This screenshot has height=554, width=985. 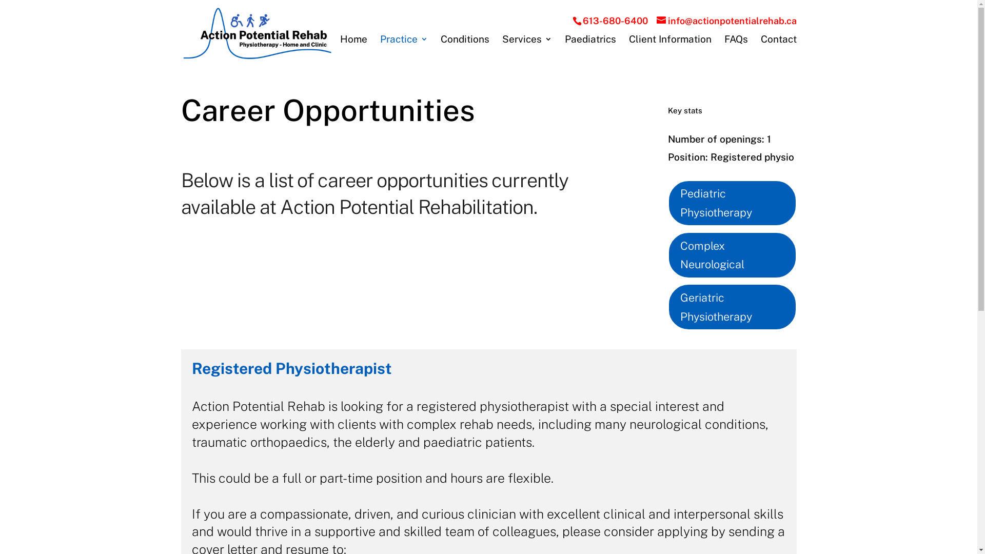 What do you see at coordinates (353, 41) in the screenshot?
I see `'Home'` at bounding box center [353, 41].